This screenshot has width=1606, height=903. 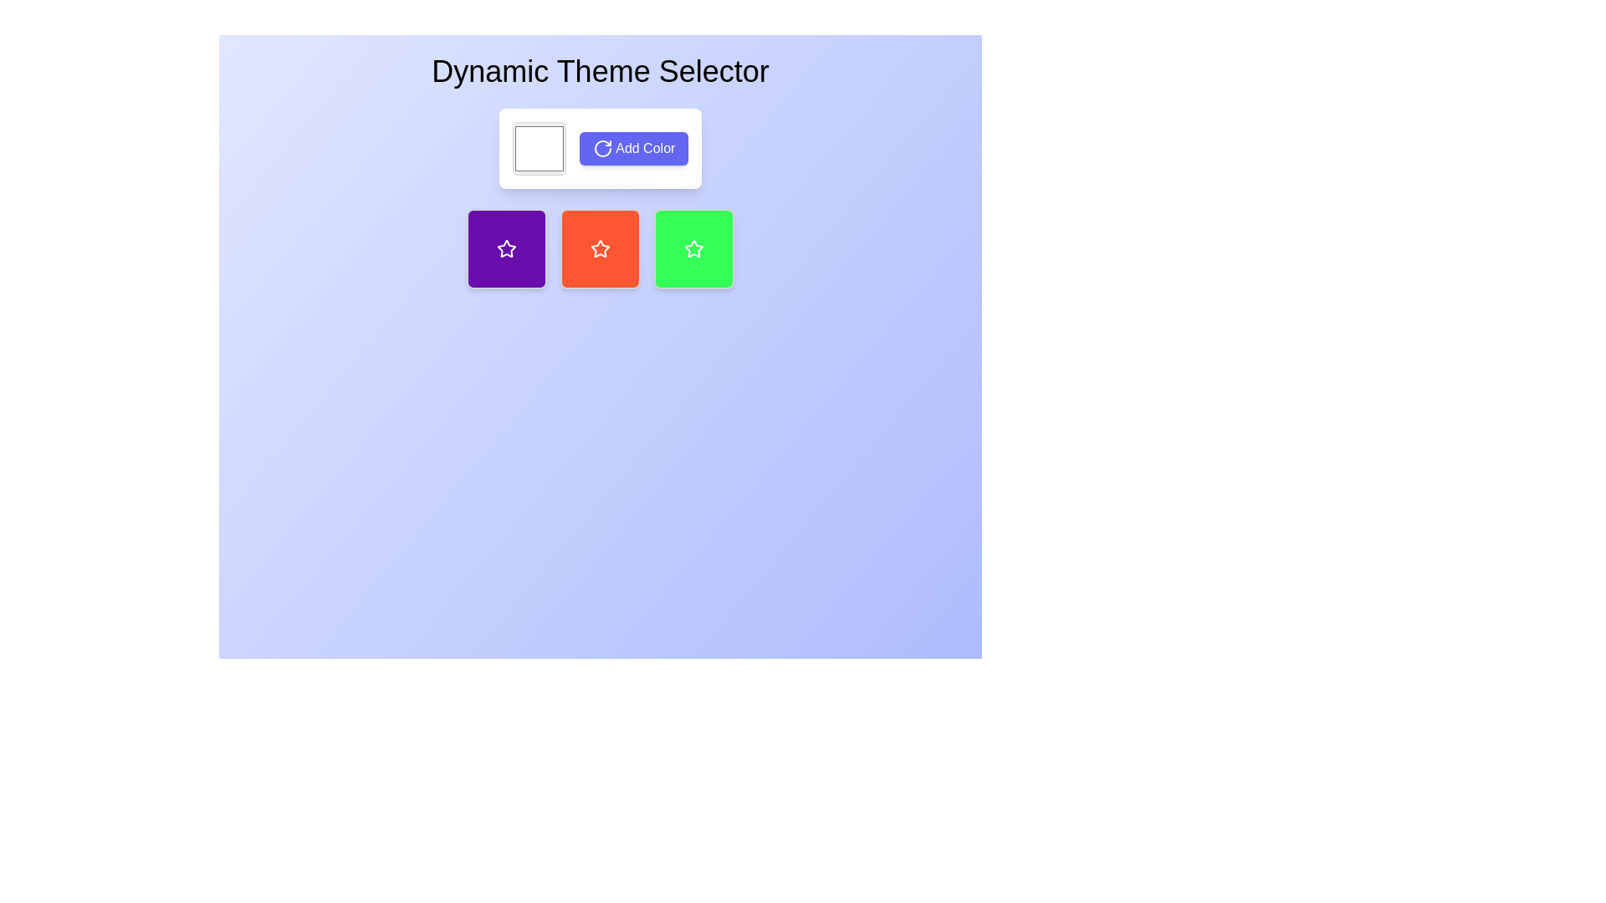 What do you see at coordinates (694, 248) in the screenshot?
I see `the bottom-right square tile button with a bright green background and a white star icon` at bounding box center [694, 248].